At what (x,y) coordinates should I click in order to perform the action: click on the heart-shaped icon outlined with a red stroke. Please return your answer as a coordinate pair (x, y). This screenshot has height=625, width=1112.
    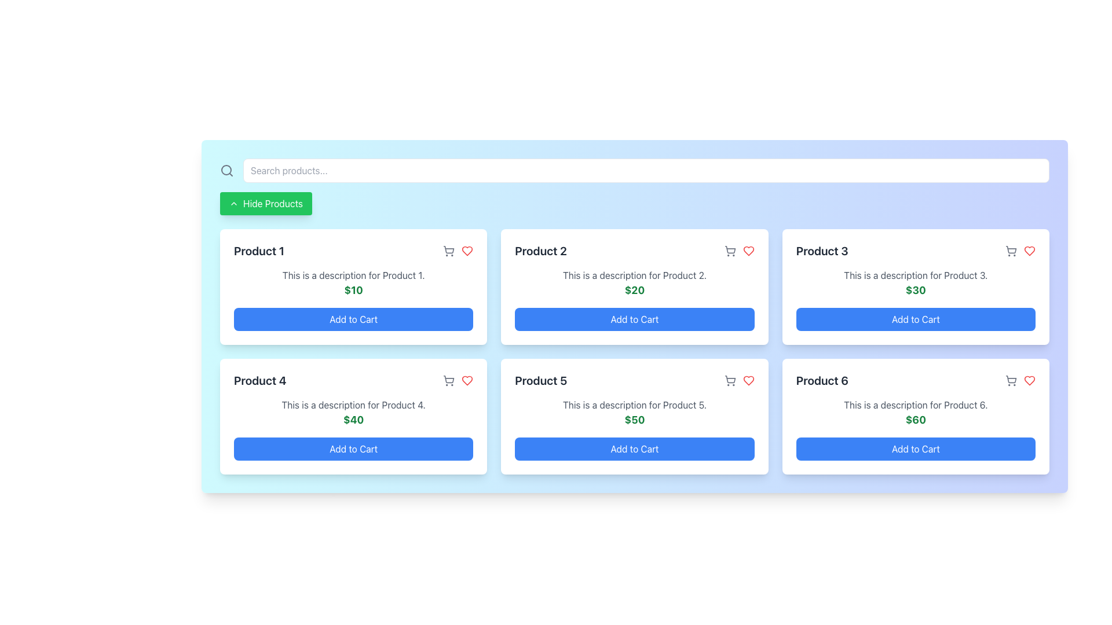
    Looking at the image, I should click on (748, 251).